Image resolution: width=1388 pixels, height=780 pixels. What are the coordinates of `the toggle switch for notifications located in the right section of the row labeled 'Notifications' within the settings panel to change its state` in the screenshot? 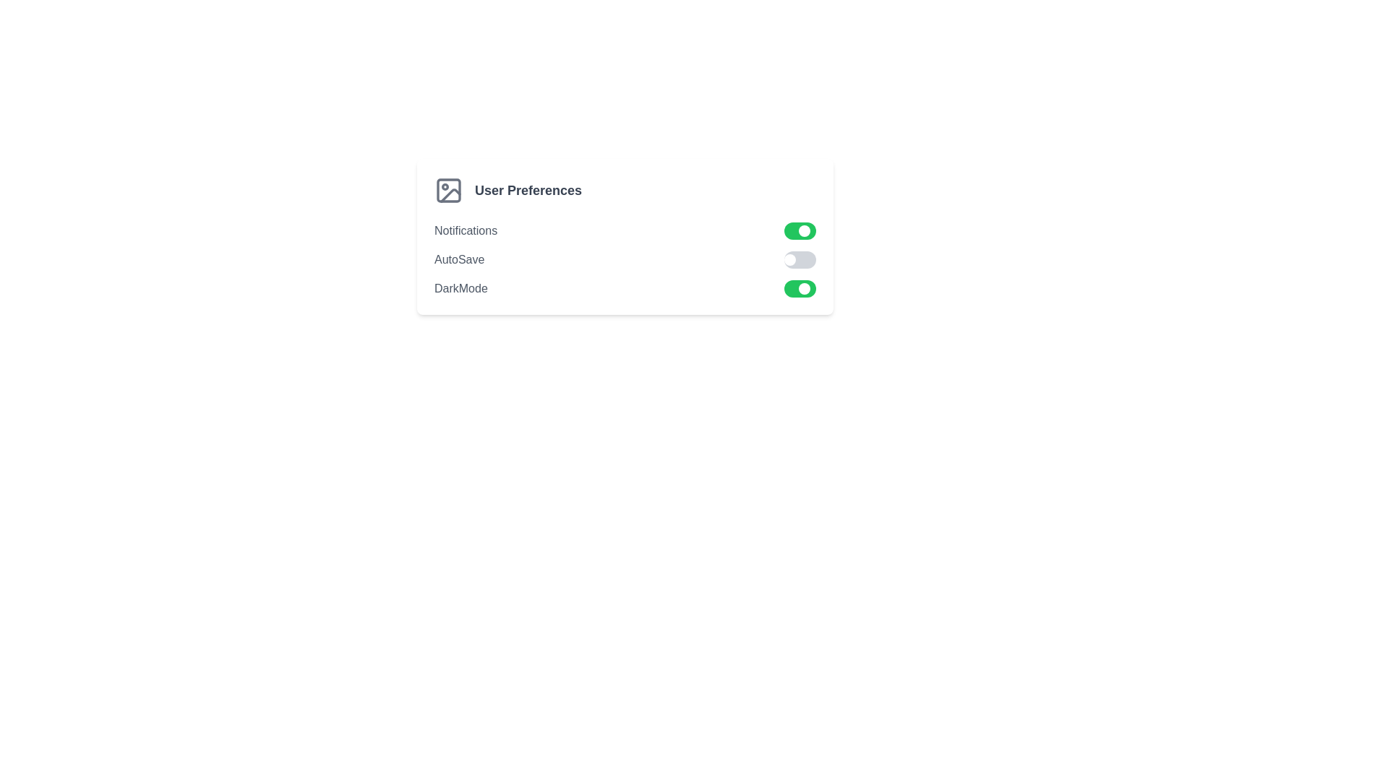 It's located at (800, 230).